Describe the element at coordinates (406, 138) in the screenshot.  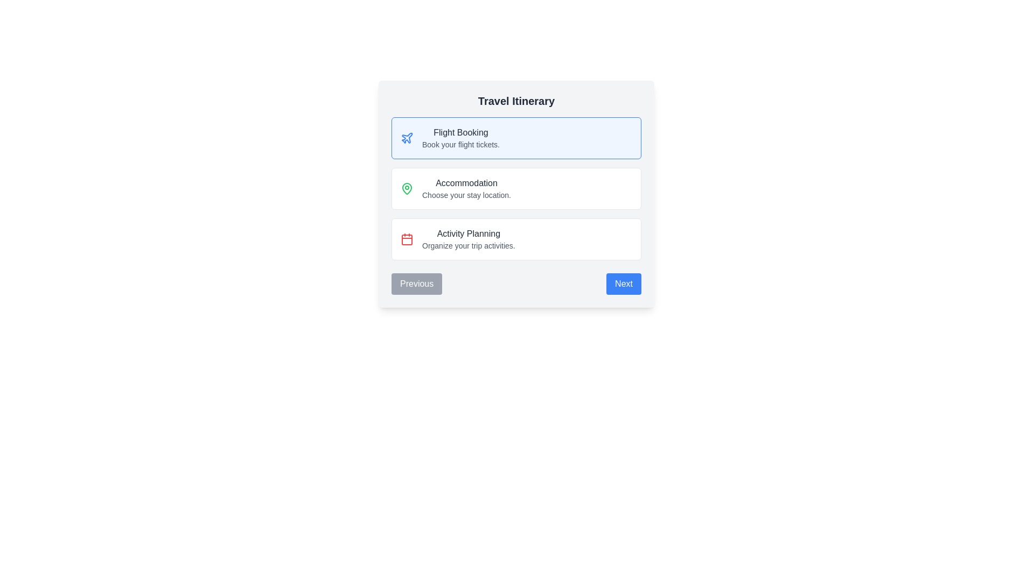
I see `the flight booking icon located to the left of the 'Flight Booking' text in the travel itinerary interface` at that location.